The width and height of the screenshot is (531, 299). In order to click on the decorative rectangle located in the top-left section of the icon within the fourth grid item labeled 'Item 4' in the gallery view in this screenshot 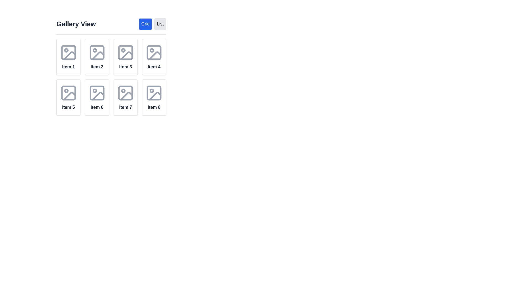, I will do `click(154, 52)`.